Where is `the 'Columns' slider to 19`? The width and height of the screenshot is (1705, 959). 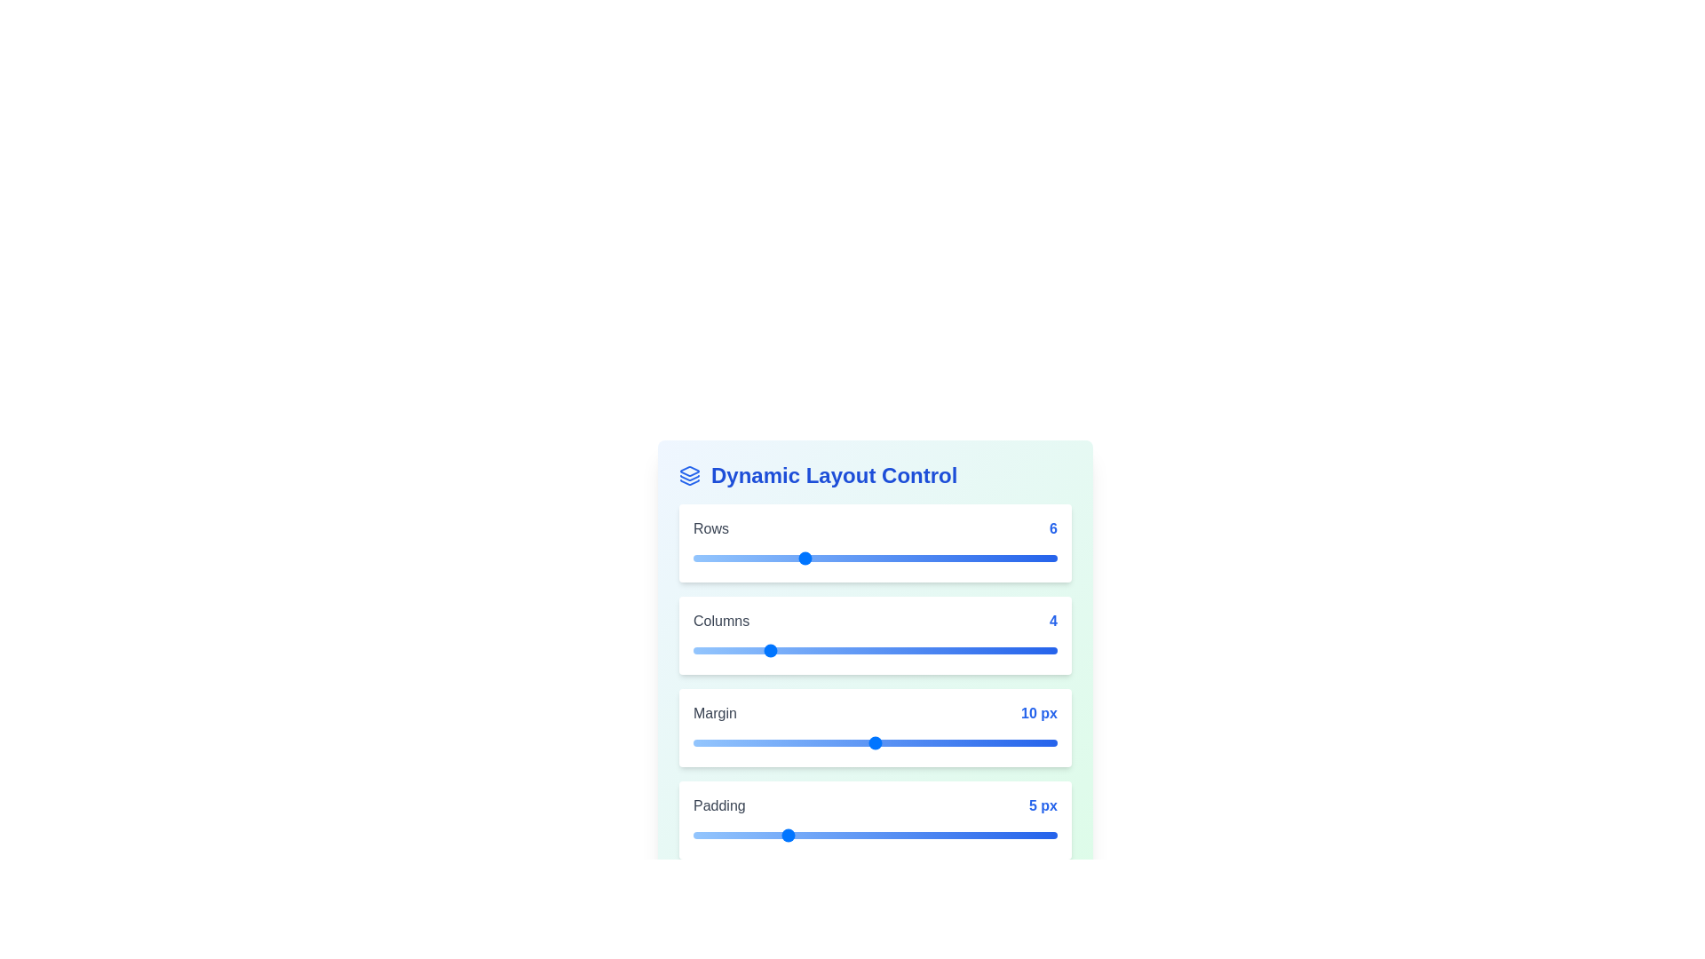
the 'Columns' slider to 19 is located at coordinates (1039, 650).